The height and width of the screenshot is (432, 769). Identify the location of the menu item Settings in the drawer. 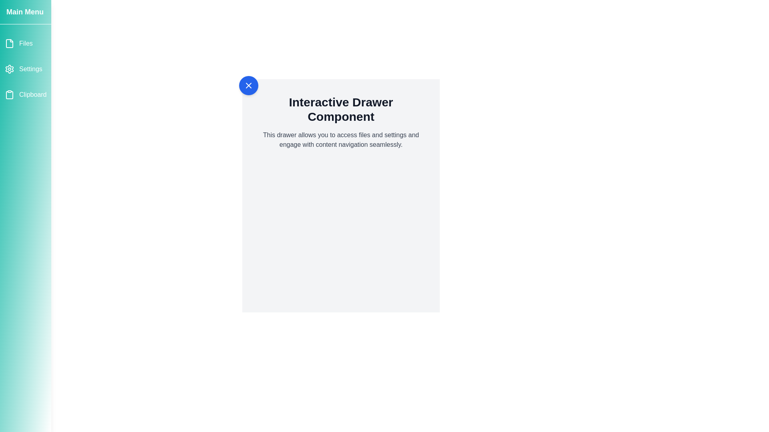
(25, 69).